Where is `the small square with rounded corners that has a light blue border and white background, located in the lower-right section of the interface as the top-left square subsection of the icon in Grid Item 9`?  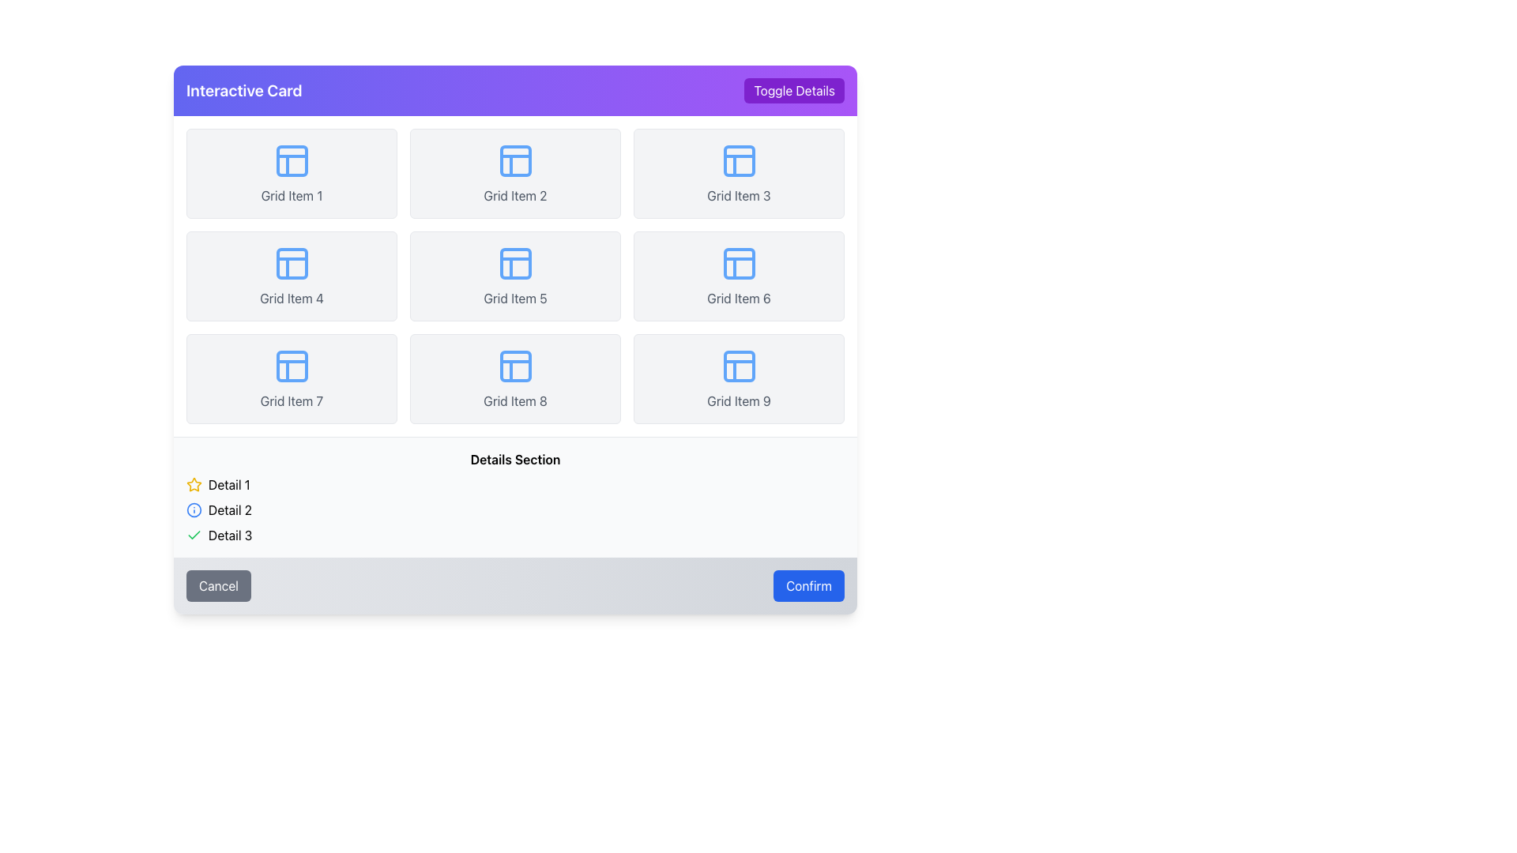 the small square with rounded corners that has a light blue border and white background, located in the lower-right section of the interface as the top-left square subsection of the icon in Grid Item 9 is located at coordinates (738, 366).